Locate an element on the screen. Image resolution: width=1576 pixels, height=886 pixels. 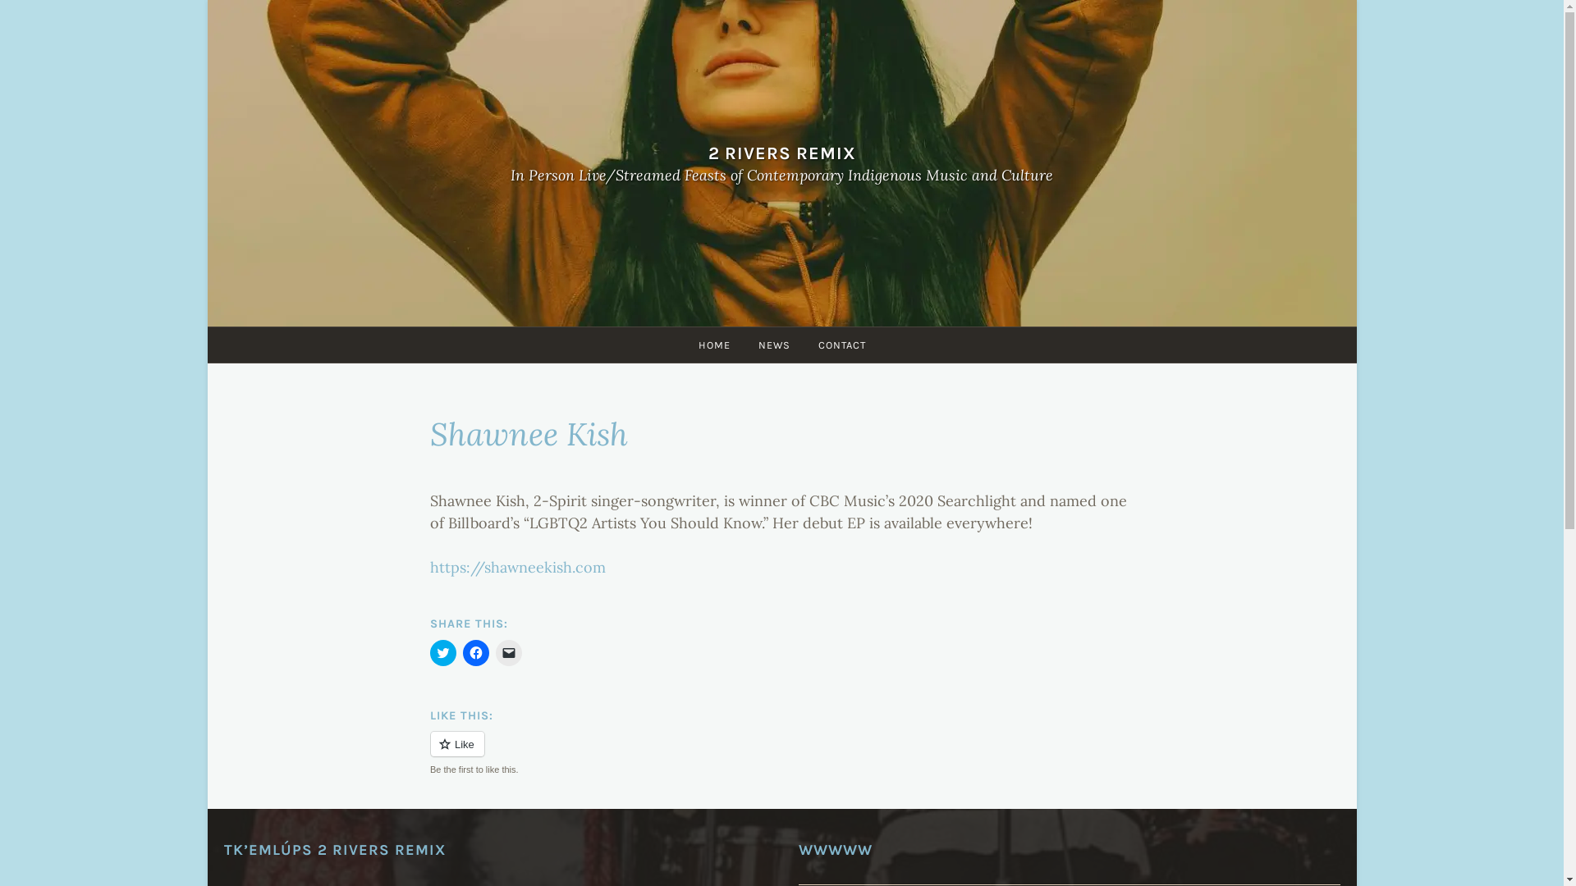
'https://shawneekish.com' is located at coordinates (516, 566).